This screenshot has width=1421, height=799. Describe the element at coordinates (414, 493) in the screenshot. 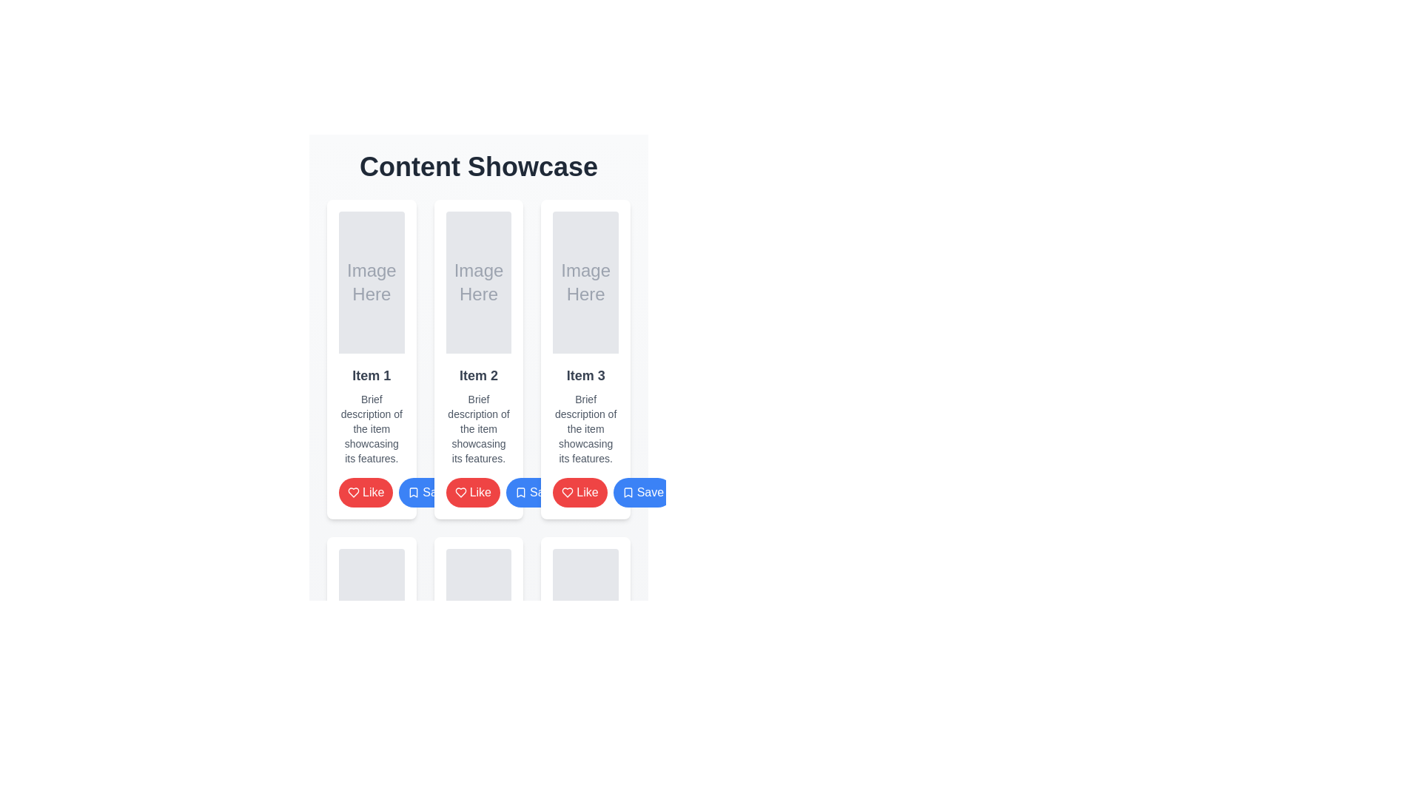

I see `the bookmark icon located in the bottom-right section of the 'Item 2' card` at that location.